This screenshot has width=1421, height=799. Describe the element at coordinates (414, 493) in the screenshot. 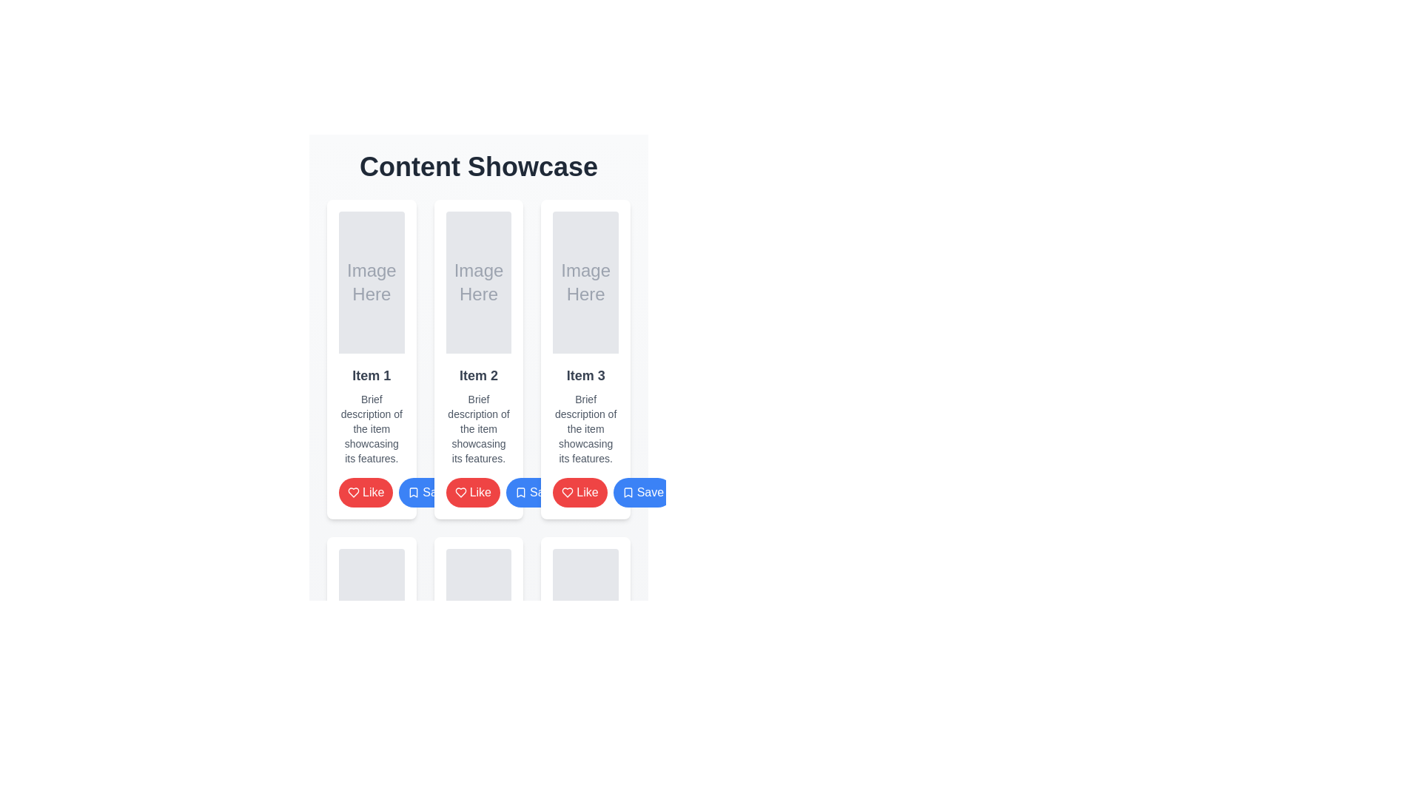

I see `the bookmark icon located in the bottom-right section of the 'Item 2' card` at that location.